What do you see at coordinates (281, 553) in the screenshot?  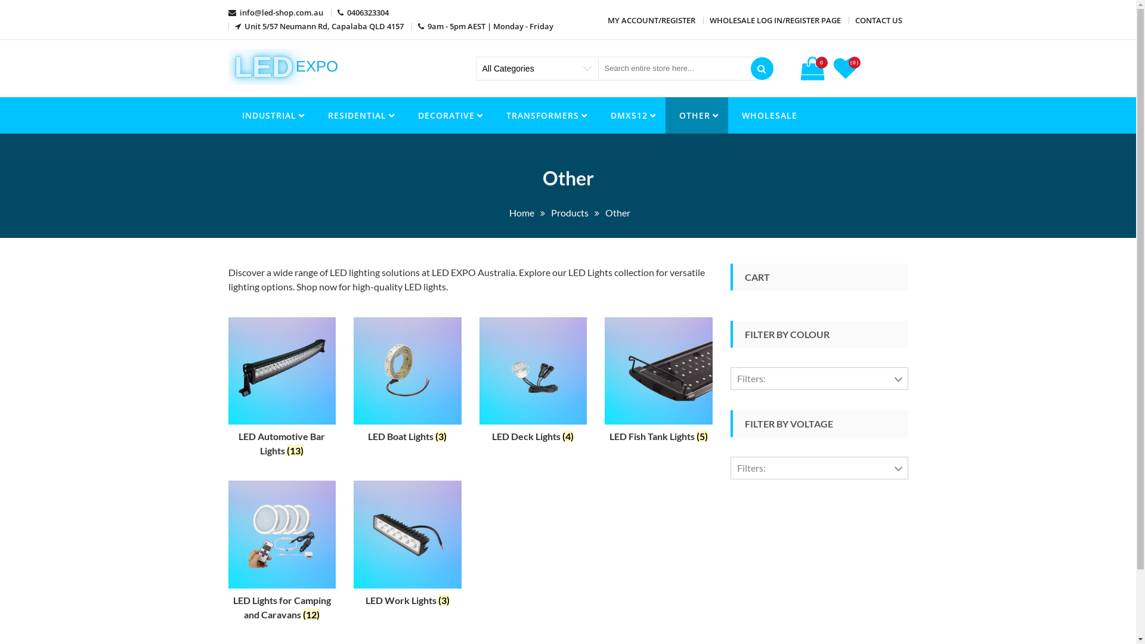 I see `'LED Lights for Camping and Caravans (12)'` at bounding box center [281, 553].